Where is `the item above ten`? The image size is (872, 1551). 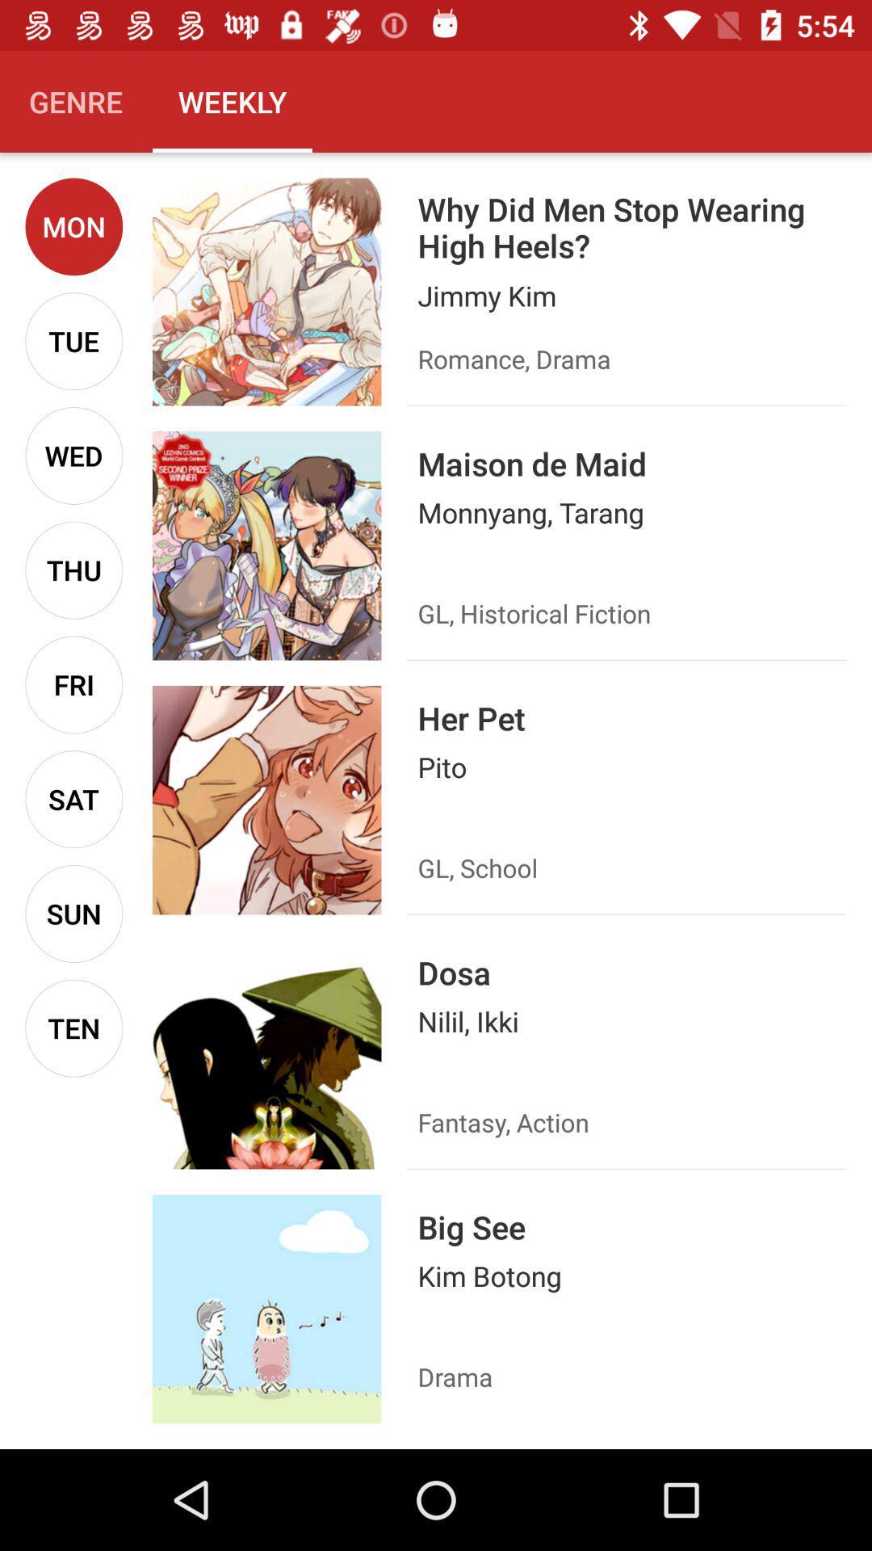
the item above ten is located at coordinates (73, 914).